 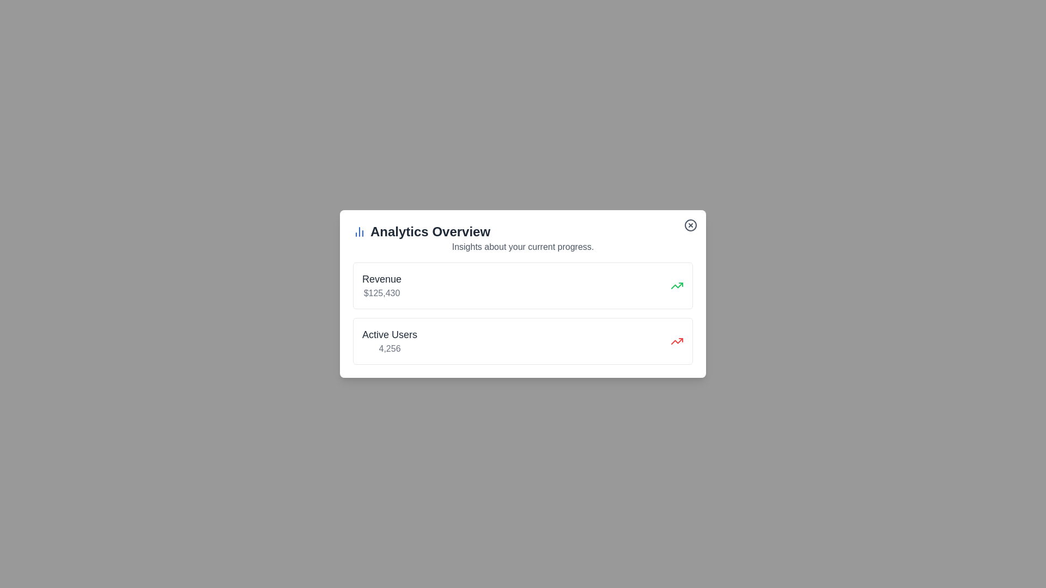 What do you see at coordinates (390, 334) in the screenshot?
I see `the 'Active Users' text label within the second block of the 'Analytics Overview' card, which is positioned above the number '4,256'` at bounding box center [390, 334].